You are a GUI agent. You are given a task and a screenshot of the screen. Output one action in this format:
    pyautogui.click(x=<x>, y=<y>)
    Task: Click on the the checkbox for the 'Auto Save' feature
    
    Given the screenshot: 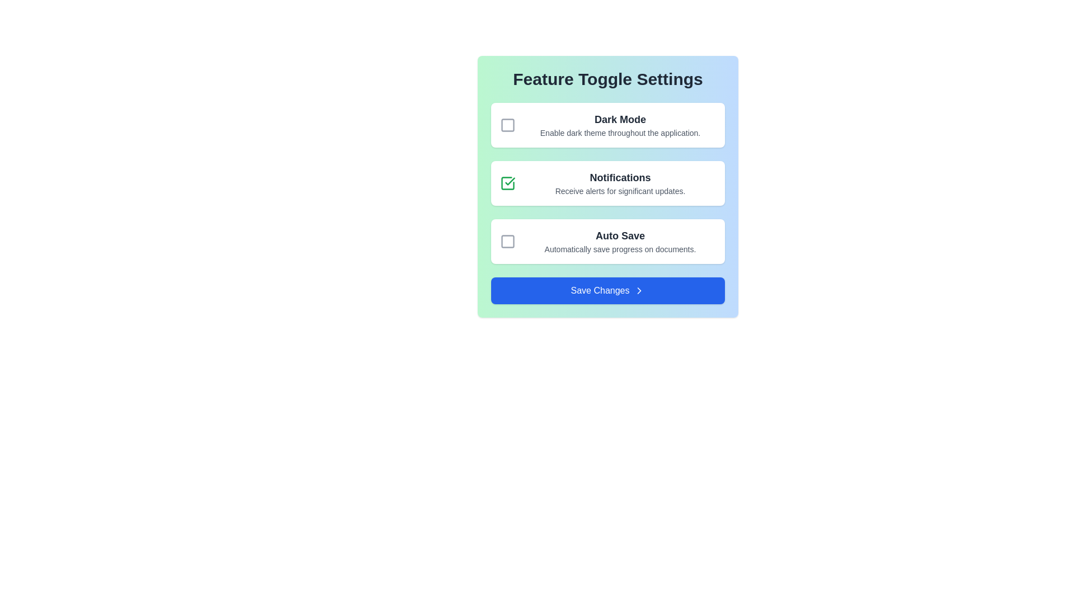 What is the action you would take?
    pyautogui.click(x=507, y=241)
    